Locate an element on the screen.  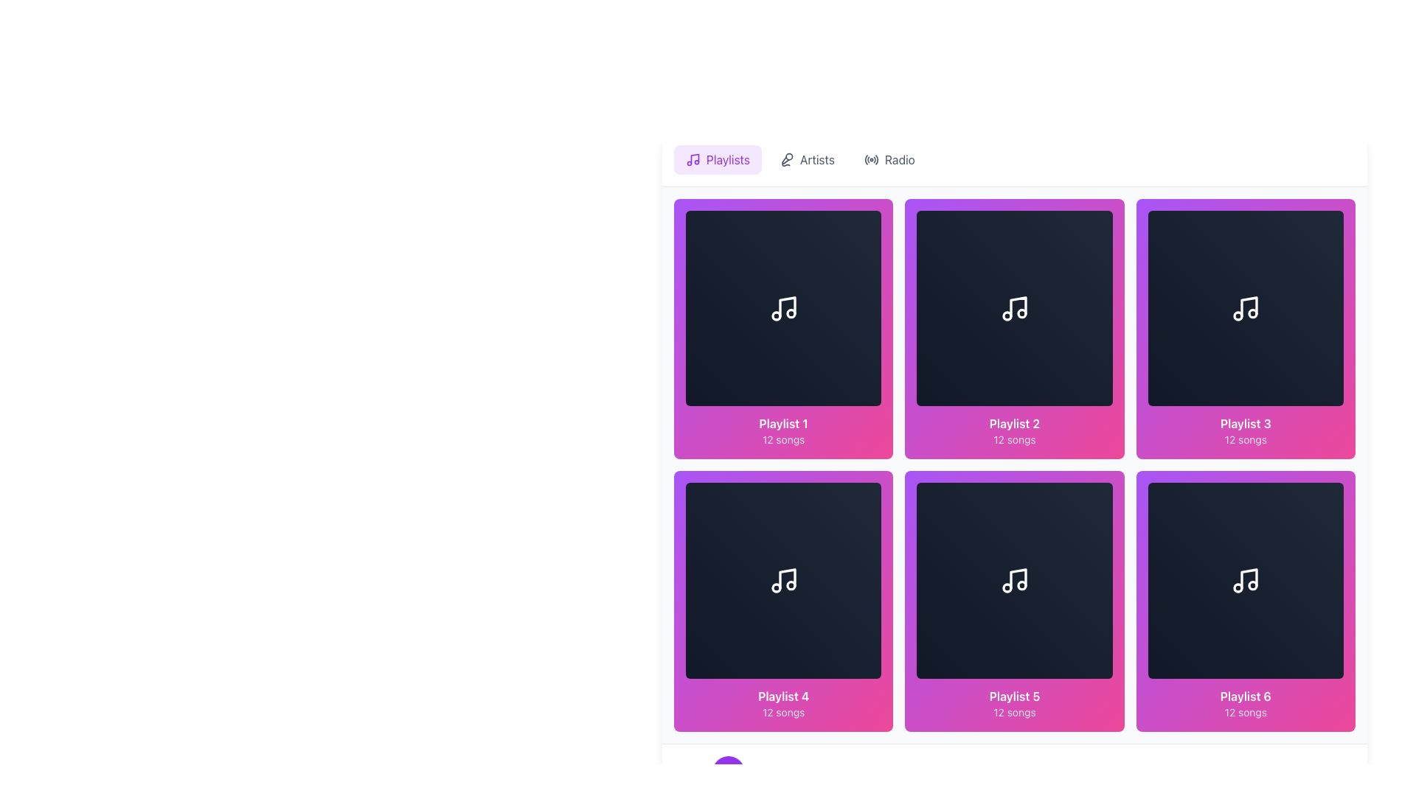
the text label displaying '12 songs' in light gray color, located below the bold text label 'Playlist 6' within a colorful card in the second row, third column of the grid layout is located at coordinates (1245, 711).